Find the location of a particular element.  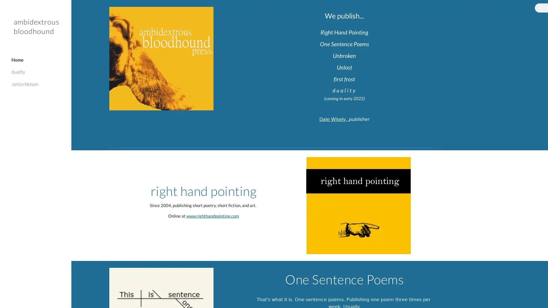

Skip to navigation is located at coordinates (325, 11).